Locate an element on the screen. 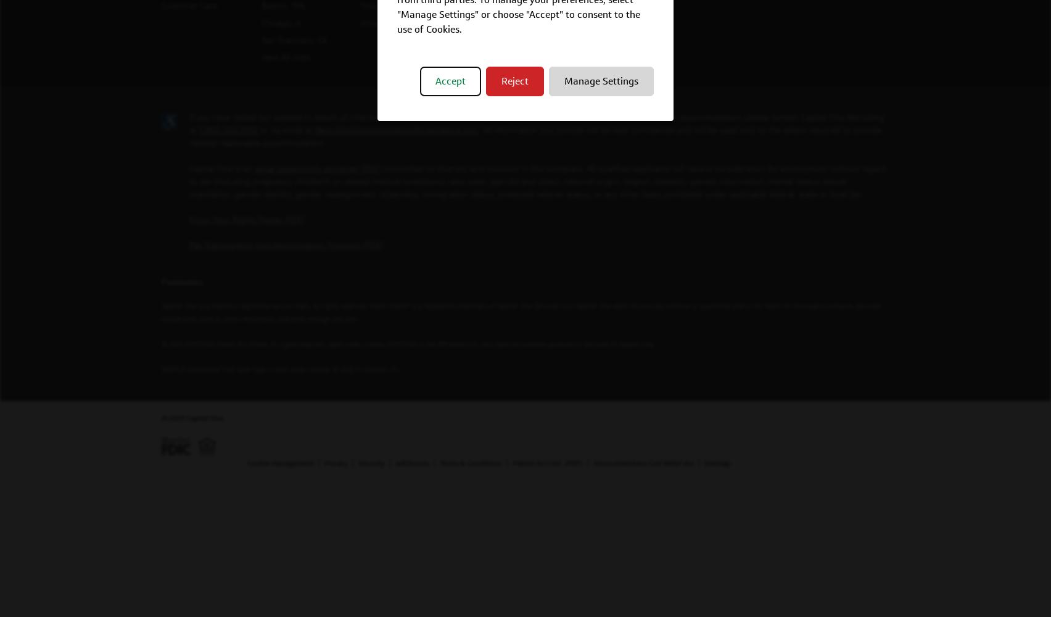  '1-800-304-9102' is located at coordinates (199, 129).